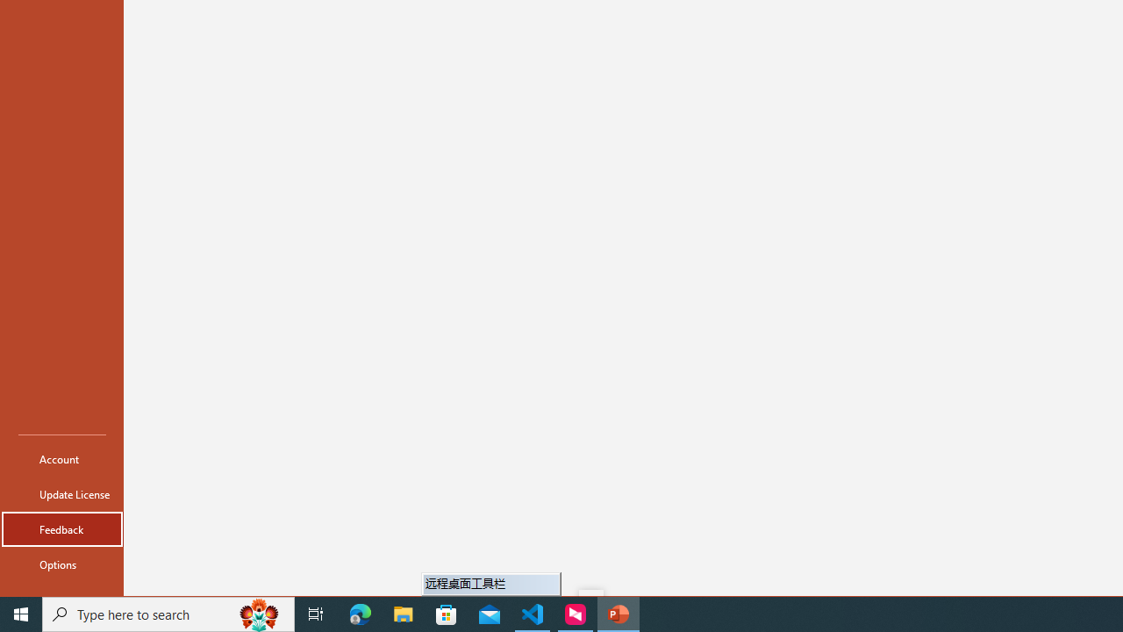 This screenshot has width=1123, height=632. I want to click on 'File Explorer', so click(403, 613).